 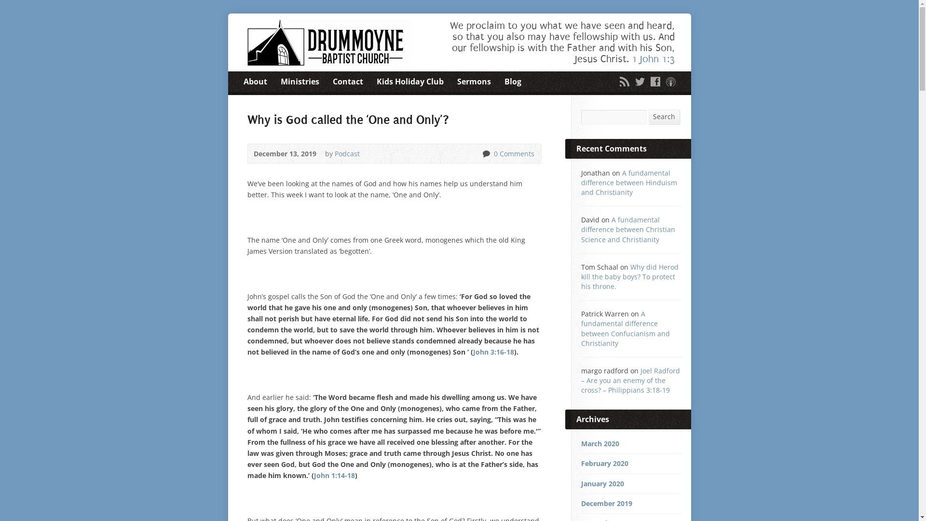 I want to click on 'Ministries', so click(x=280, y=81).